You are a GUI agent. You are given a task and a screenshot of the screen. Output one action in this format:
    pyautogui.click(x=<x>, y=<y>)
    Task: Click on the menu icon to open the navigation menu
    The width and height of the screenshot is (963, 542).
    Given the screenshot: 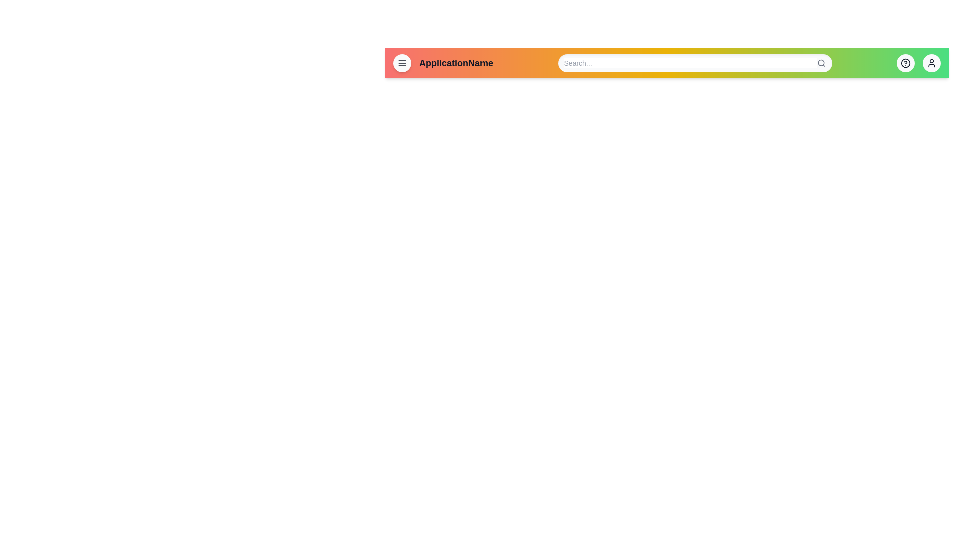 What is the action you would take?
    pyautogui.click(x=402, y=63)
    